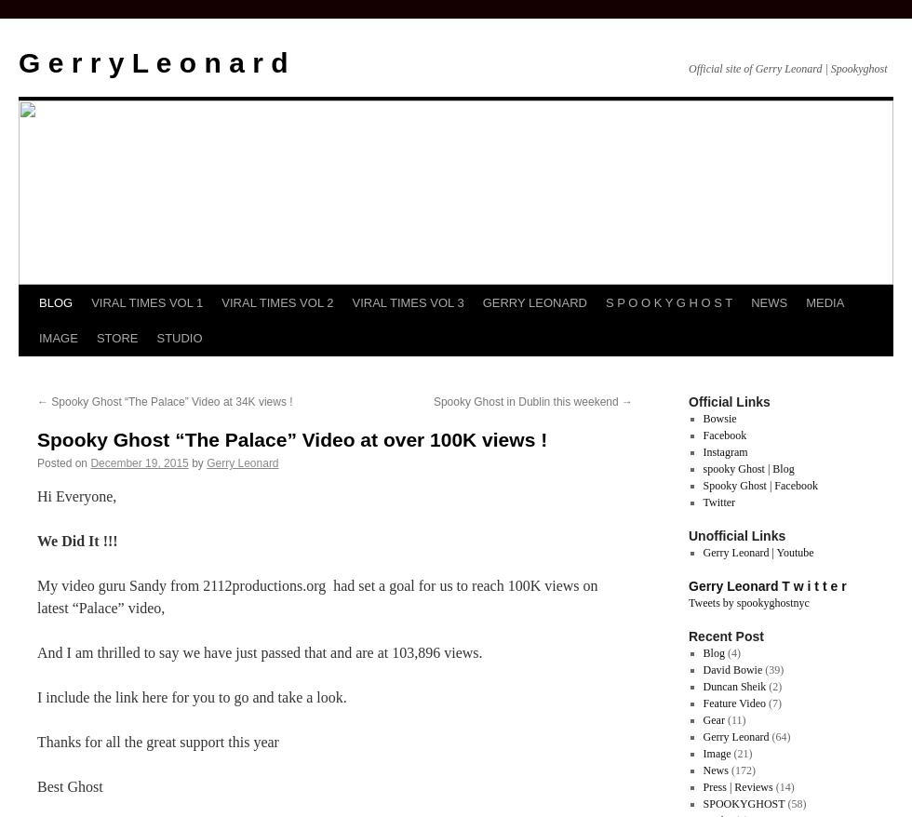  What do you see at coordinates (62, 463) in the screenshot?
I see `'Posted on'` at bounding box center [62, 463].